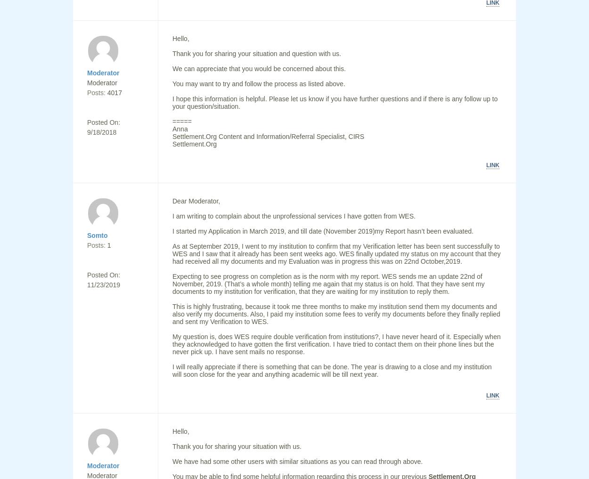  I want to click on 'We have had some other users with similar situations as you can read through above.', so click(297, 461).